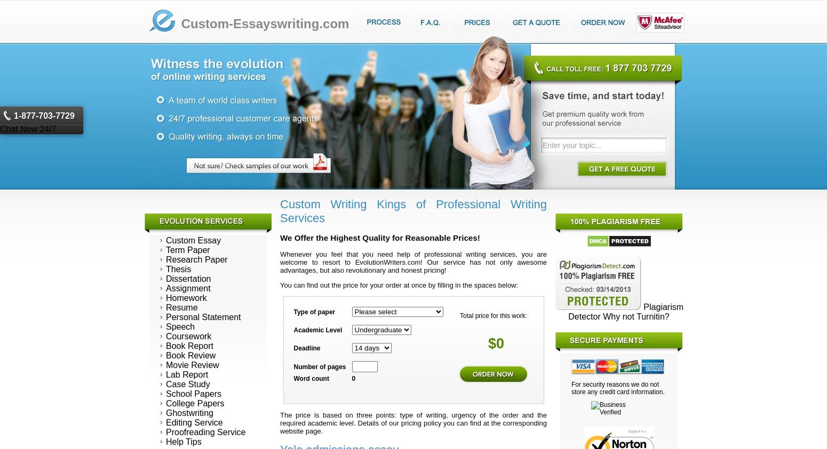 Image resolution: width=827 pixels, height=449 pixels. Describe the element at coordinates (192, 364) in the screenshot. I see `'Movie Review'` at that location.